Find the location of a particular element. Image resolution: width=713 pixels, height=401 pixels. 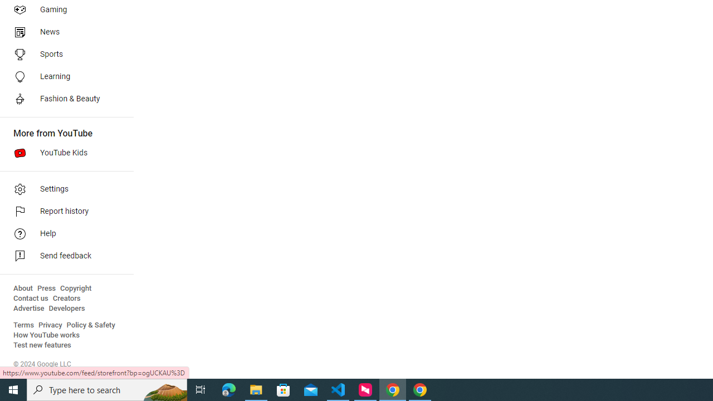

'Send feedback' is located at coordinates (62, 256).